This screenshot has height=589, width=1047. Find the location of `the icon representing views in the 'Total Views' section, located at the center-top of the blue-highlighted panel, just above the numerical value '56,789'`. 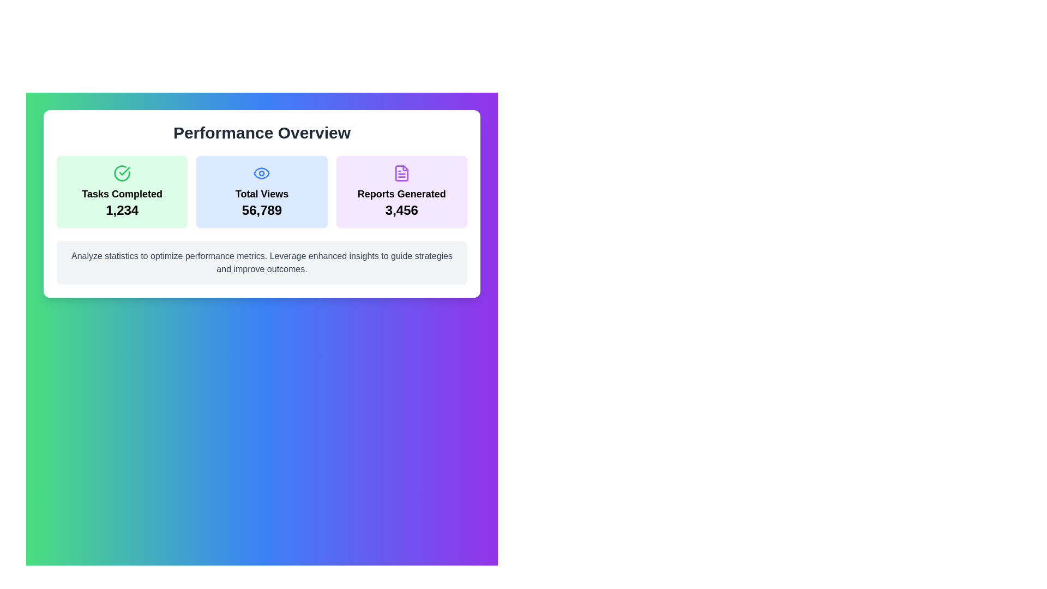

the icon representing views in the 'Total Views' section, located at the center-top of the blue-highlighted panel, just above the numerical value '56,789' is located at coordinates (262, 172).